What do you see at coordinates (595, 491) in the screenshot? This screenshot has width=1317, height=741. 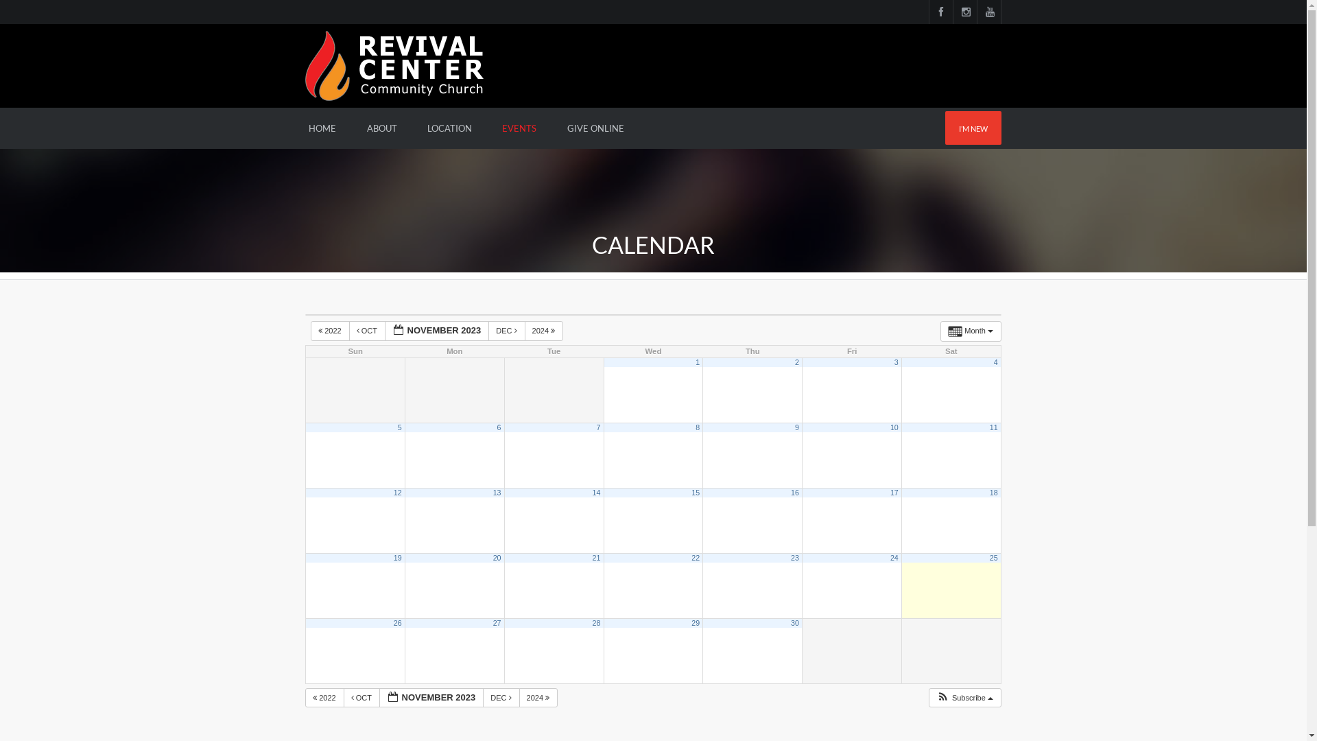 I see `'14'` at bounding box center [595, 491].